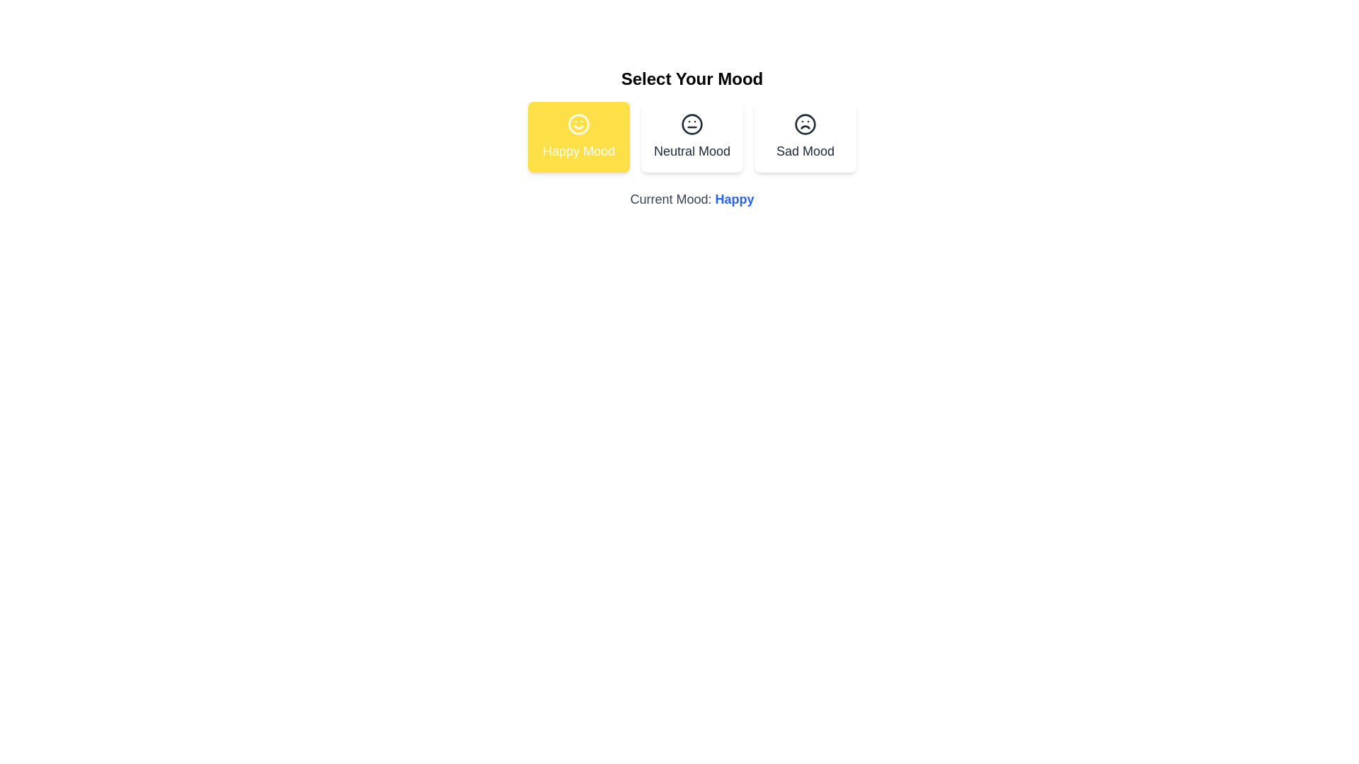 The height and width of the screenshot is (764, 1359). Describe the element at coordinates (578, 137) in the screenshot. I see `the button corresponding to the mood Happy` at that location.